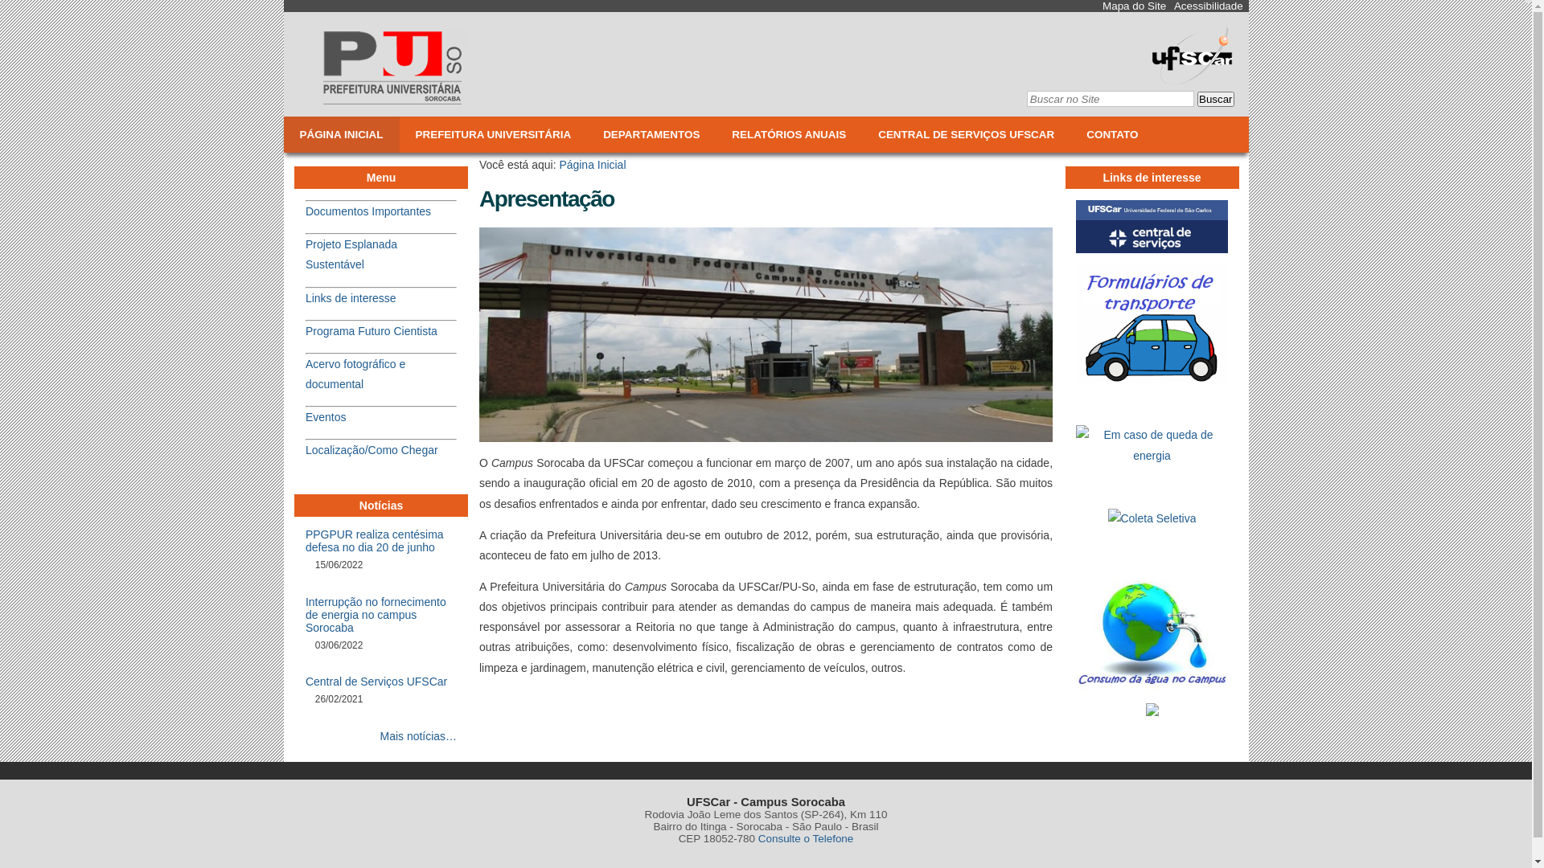 The width and height of the screenshot is (1544, 868). I want to click on 'Eventos', so click(324, 416).